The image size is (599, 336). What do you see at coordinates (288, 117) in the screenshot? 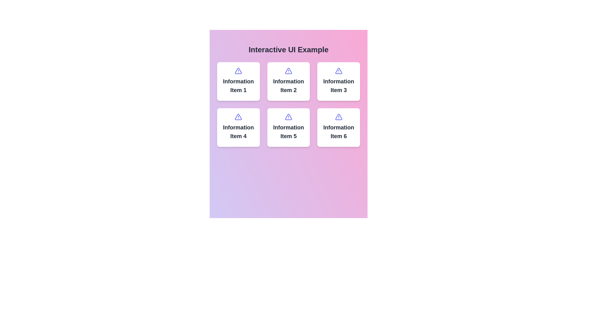
I see `the alert icon related to 'Information Item 5' located in the middle row, second column of the 2x3 grid` at bounding box center [288, 117].